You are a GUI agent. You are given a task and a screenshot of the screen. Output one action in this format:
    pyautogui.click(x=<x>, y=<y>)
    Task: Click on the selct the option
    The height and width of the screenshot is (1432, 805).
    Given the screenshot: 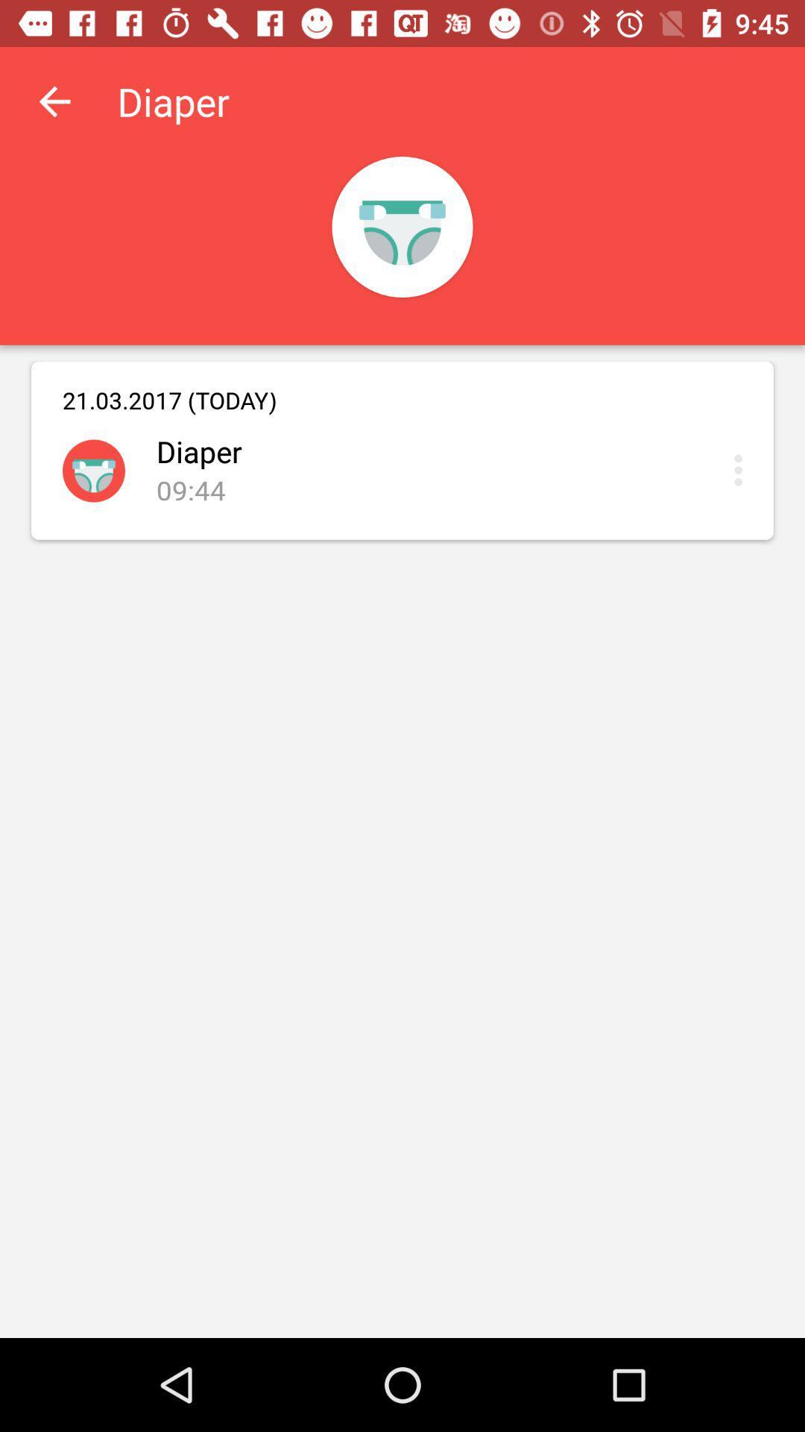 What is the action you would take?
    pyautogui.click(x=742, y=469)
    